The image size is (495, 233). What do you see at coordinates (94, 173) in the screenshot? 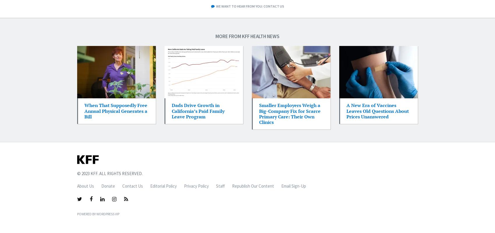
I see `'KFF'` at bounding box center [94, 173].